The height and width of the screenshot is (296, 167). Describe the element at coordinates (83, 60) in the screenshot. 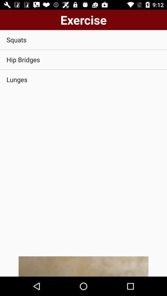

I see `app below squats icon` at that location.